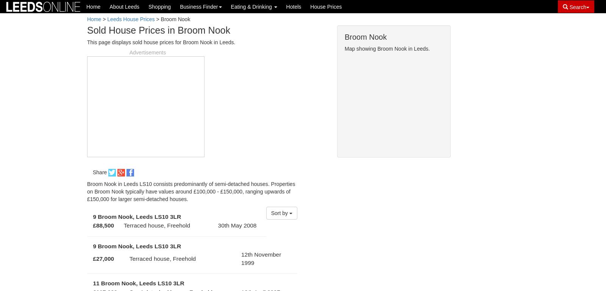  Describe the element at coordinates (147, 52) in the screenshot. I see `'Advertisements'` at that location.